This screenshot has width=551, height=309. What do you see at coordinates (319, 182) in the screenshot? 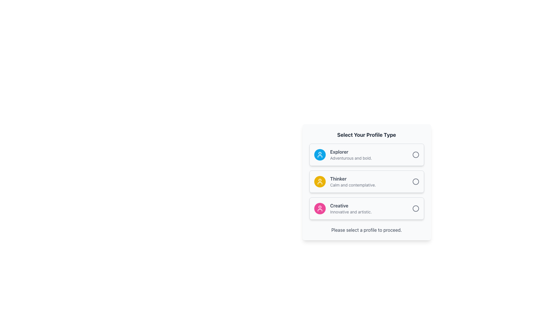
I see `the decorative icon for the 'Thinker' profile card, which is positioned at the start of its row in the profile selection list` at bounding box center [319, 182].